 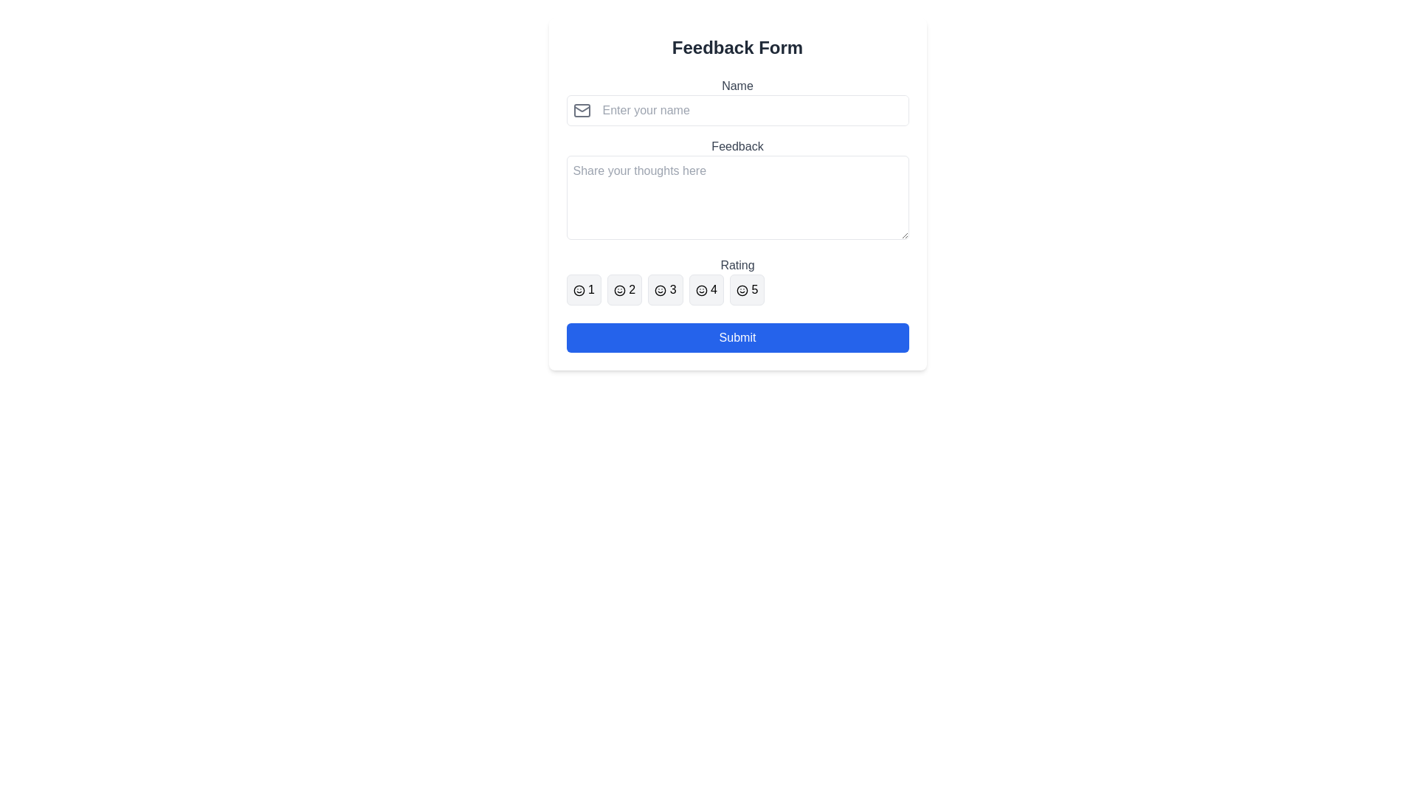 I want to click on the submission button located at the bottom of the feedback form under the 'Rating' section to change its color, so click(x=737, y=338).